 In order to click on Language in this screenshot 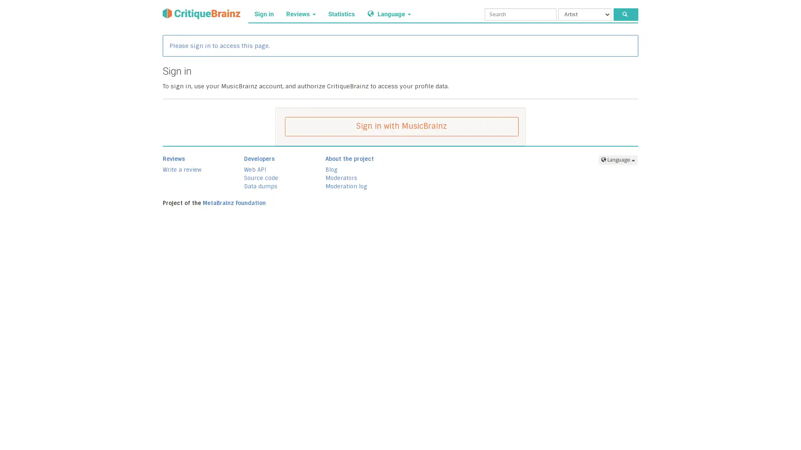, I will do `click(618, 160)`.